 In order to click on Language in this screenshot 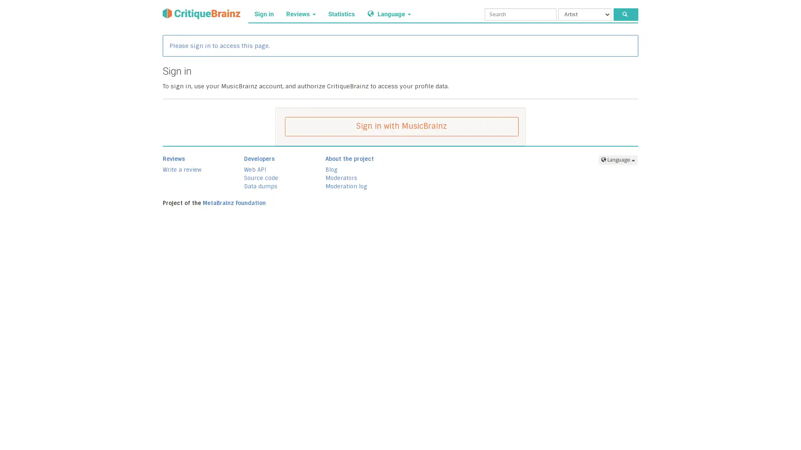, I will do `click(618, 160)`.